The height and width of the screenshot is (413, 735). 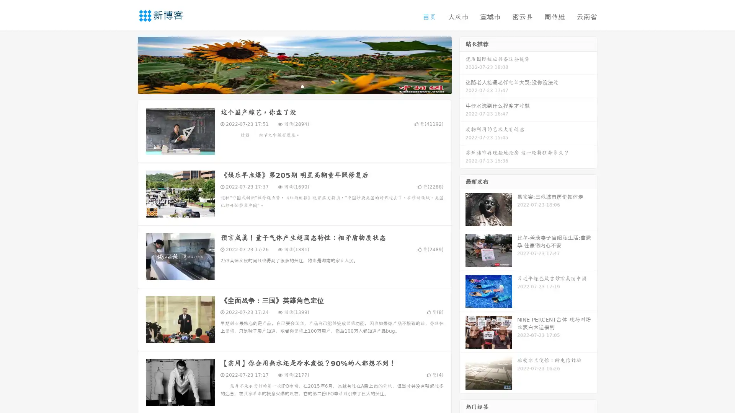 What do you see at coordinates (302, 86) in the screenshot?
I see `Go to slide 3` at bounding box center [302, 86].